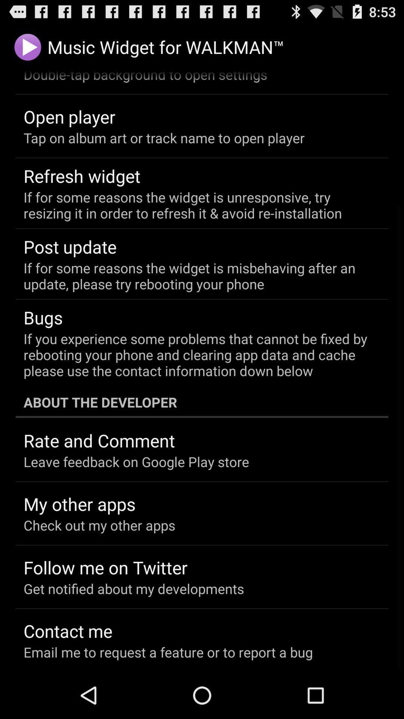 This screenshot has height=719, width=404. Describe the element at coordinates (105, 567) in the screenshot. I see `item below check out my item` at that location.